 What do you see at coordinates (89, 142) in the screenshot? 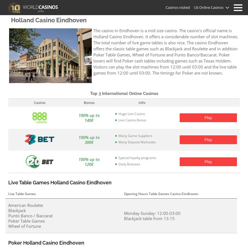
I see `'300€'` at bounding box center [89, 142].